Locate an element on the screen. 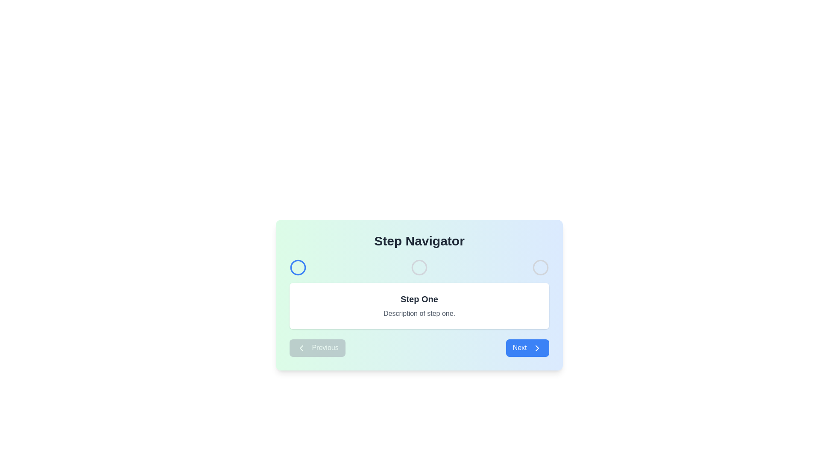 Image resolution: width=820 pixels, height=461 pixels. the blue 'Next' button icon which represents proceeding to the next step in the multi-step process is located at coordinates (536, 347).